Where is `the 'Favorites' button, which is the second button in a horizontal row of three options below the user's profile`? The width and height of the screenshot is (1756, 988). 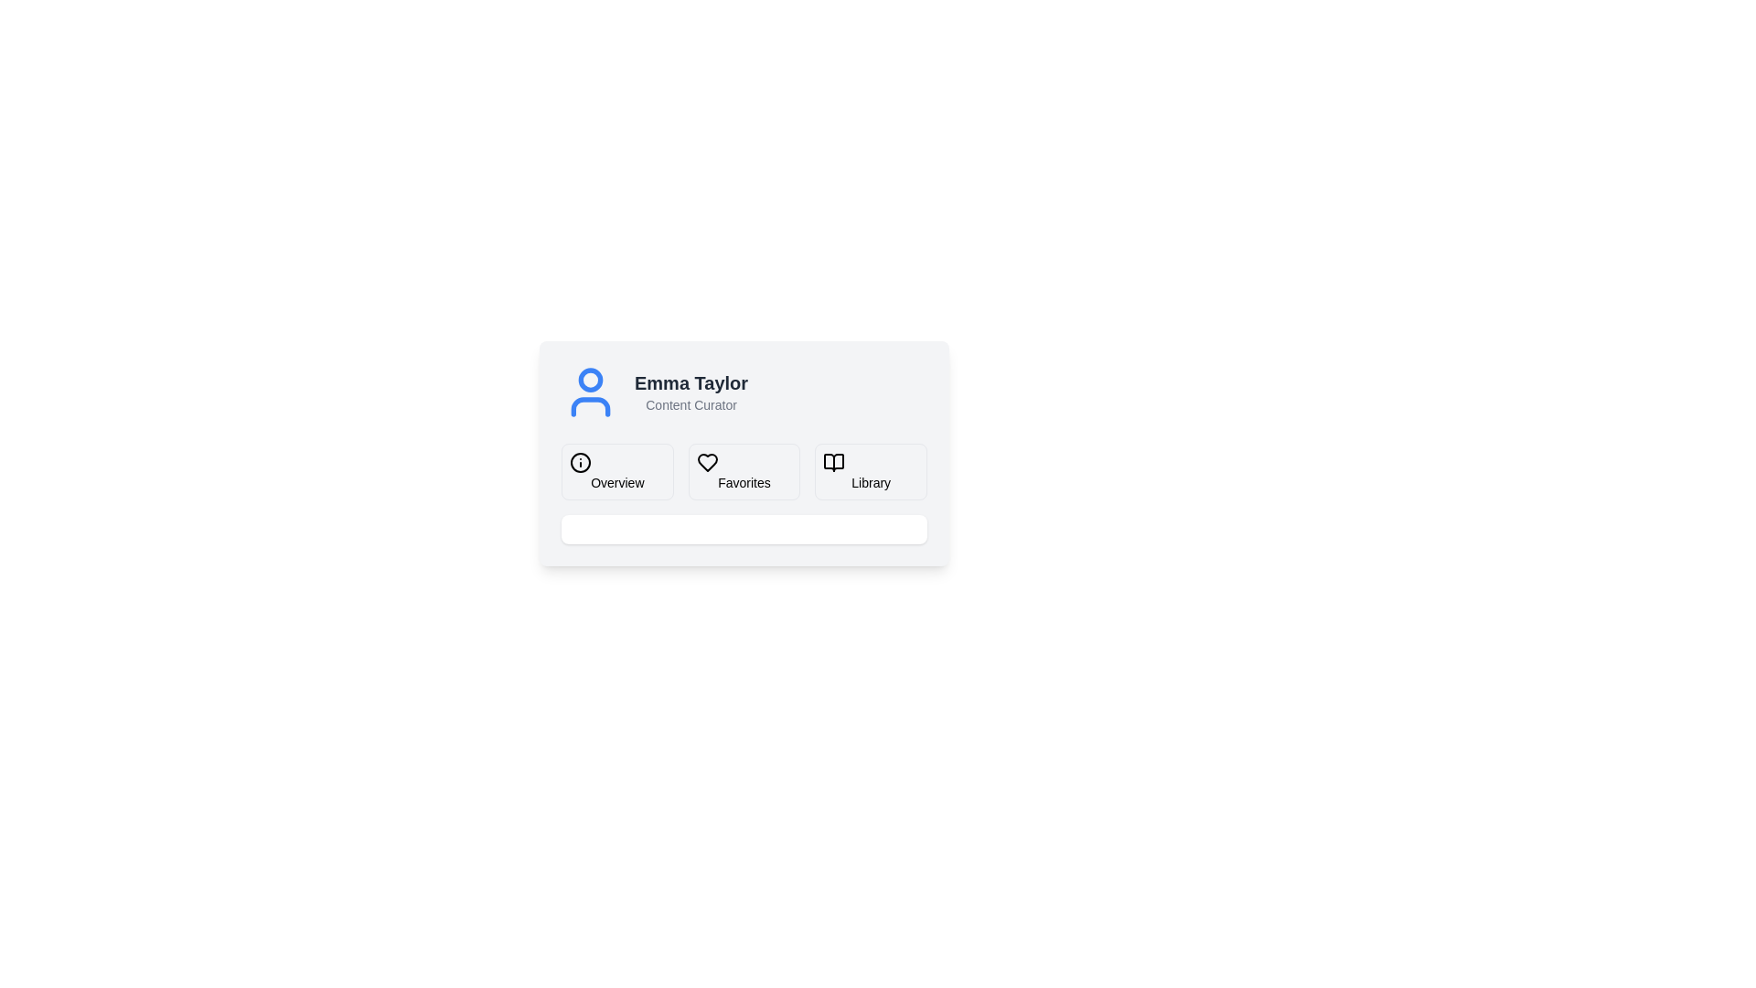
the 'Favorites' button, which is the second button in a horizontal row of three options below the user's profile is located at coordinates (706, 461).